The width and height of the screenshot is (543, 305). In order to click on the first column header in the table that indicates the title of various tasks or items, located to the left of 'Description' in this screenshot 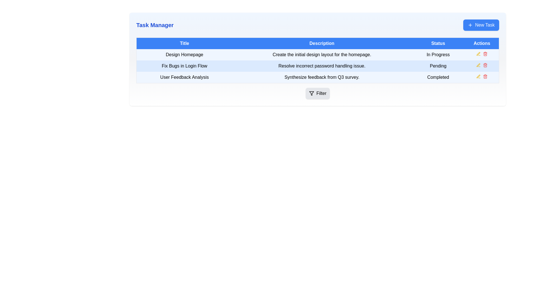, I will do `click(184, 43)`.